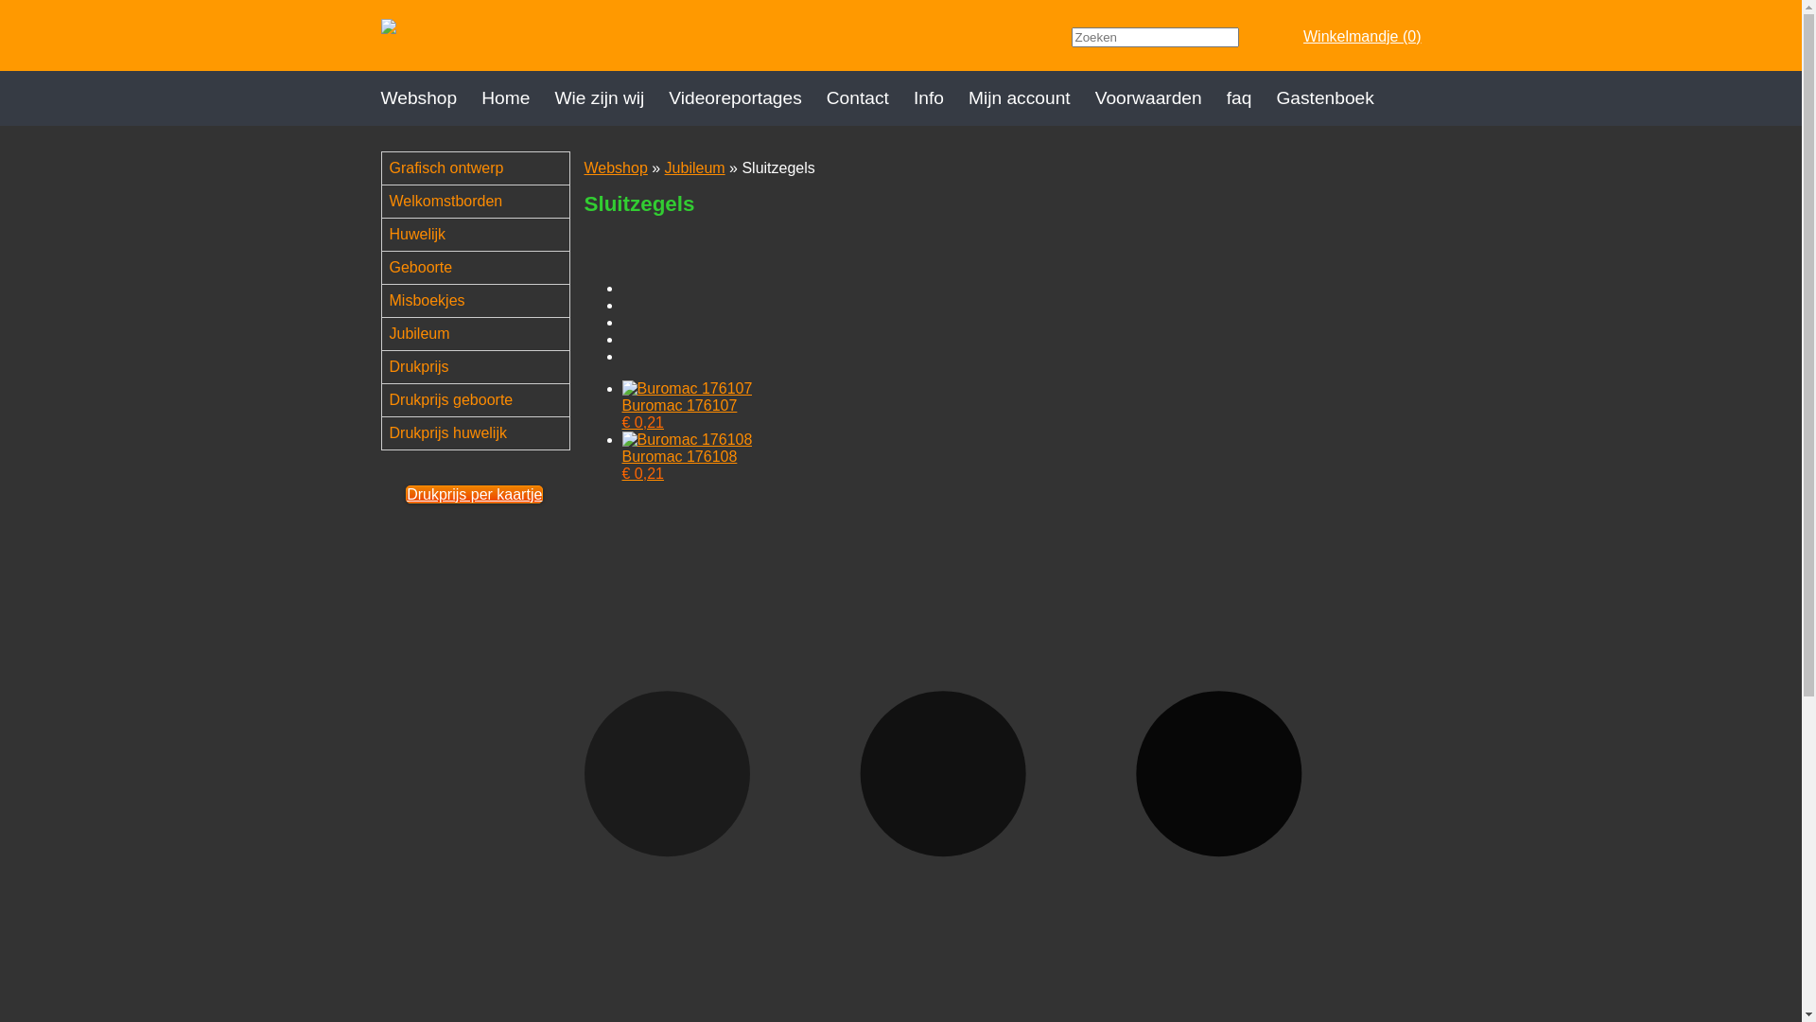 Image resolution: width=1816 pixels, height=1022 pixels. I want to click on 'Home', so click(517, 98).